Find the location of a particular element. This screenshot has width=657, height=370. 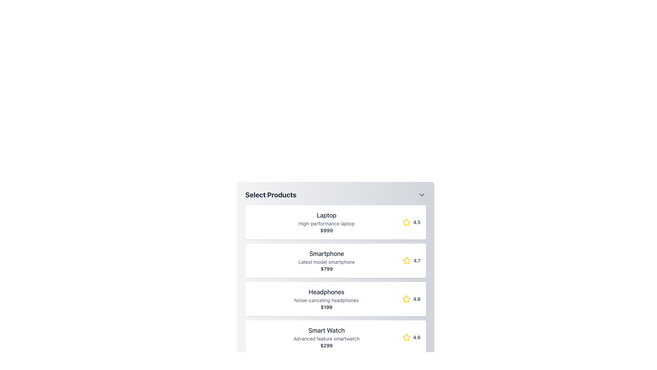

text displaying '4.7' located next to the yellow star icon in the Smartphone product row is located at coordinates (416, 260).